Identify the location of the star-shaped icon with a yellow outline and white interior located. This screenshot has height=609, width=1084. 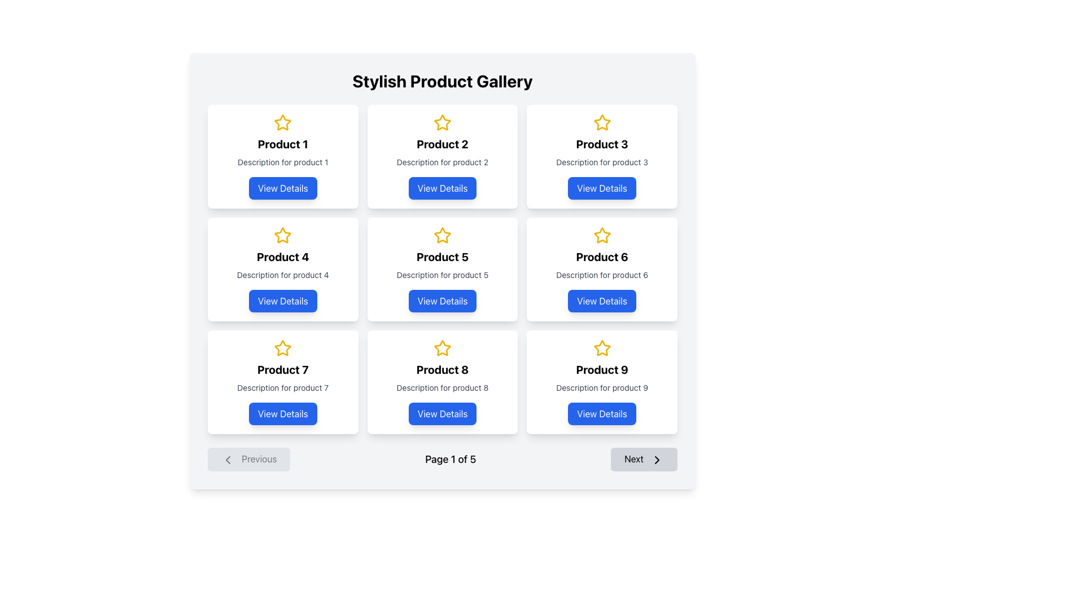
(442, 347).